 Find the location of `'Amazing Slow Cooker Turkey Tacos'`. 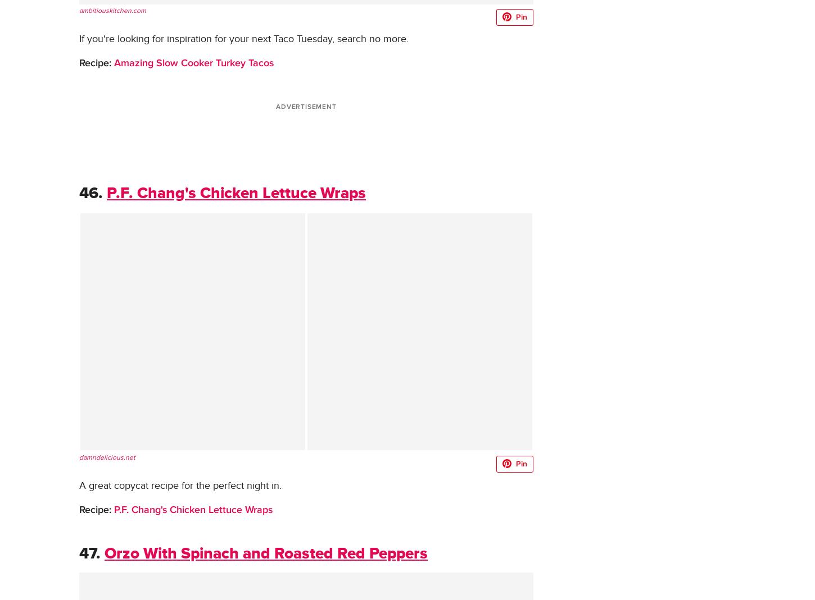

'Amazing Slow Cooker Turkey Tacos' is located at coordinates (111, 62).